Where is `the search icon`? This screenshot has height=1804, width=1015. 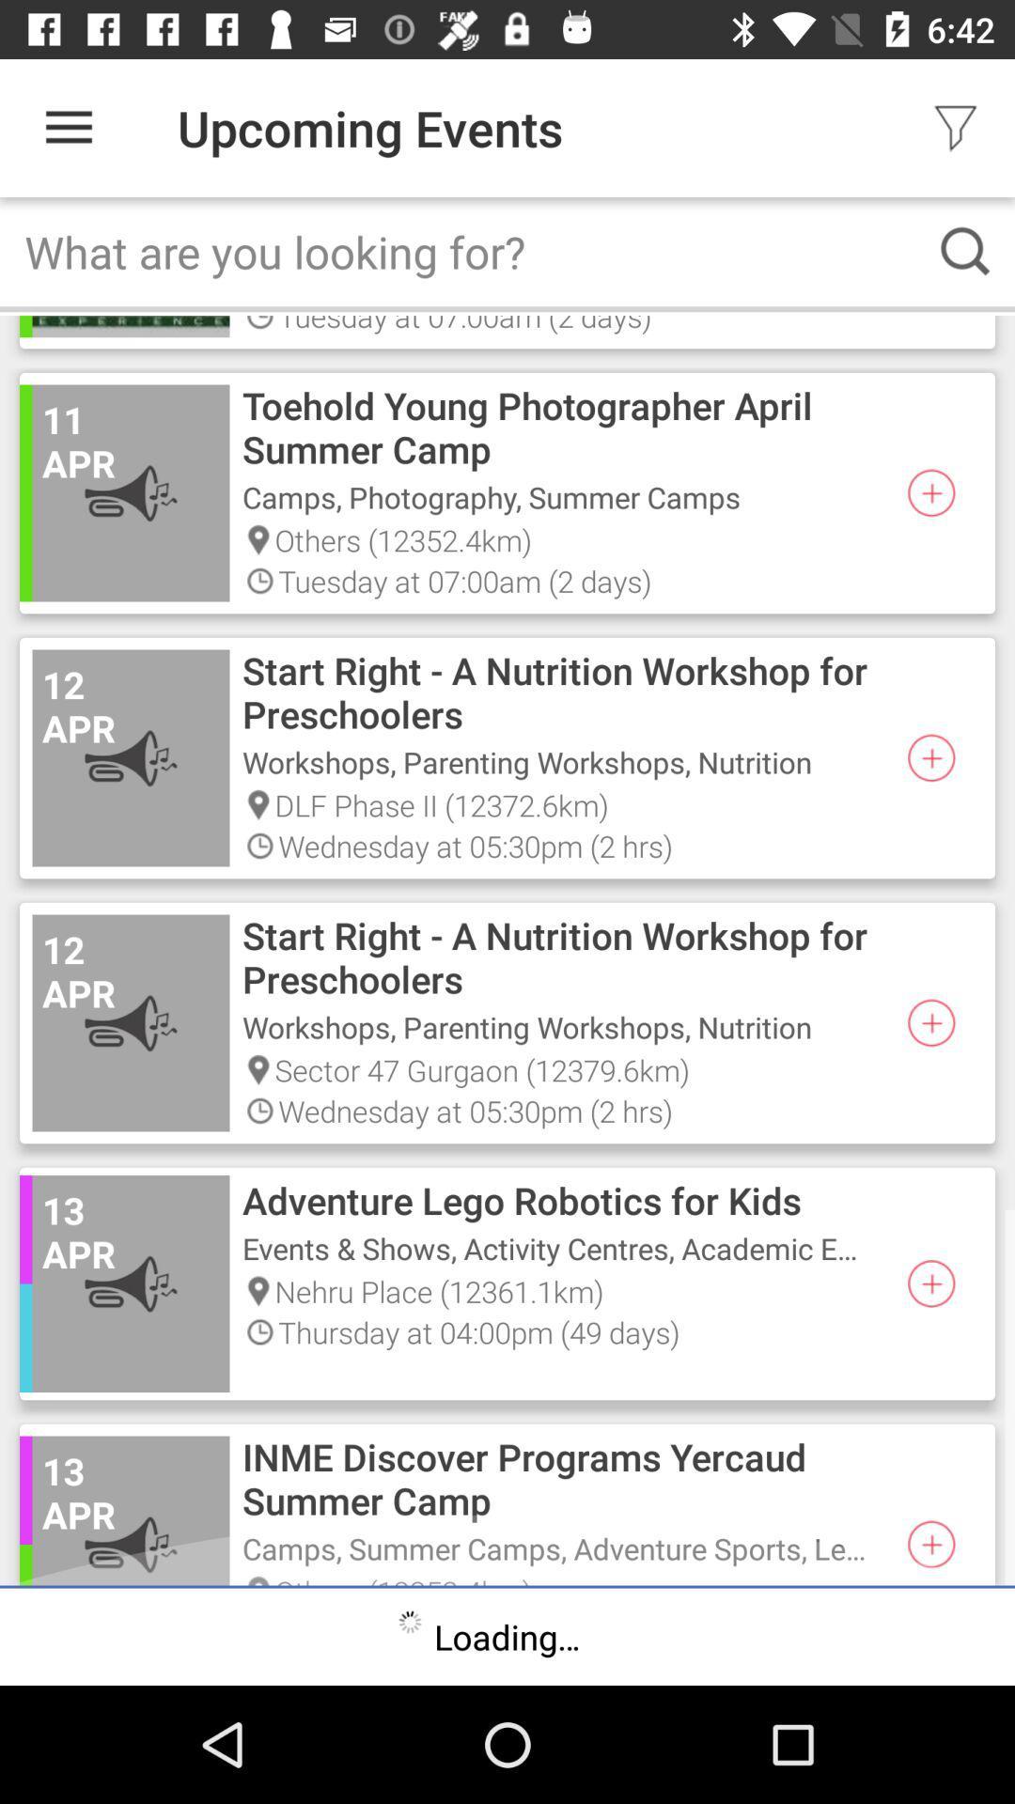 the search icon is located at coordinates (965, 250).